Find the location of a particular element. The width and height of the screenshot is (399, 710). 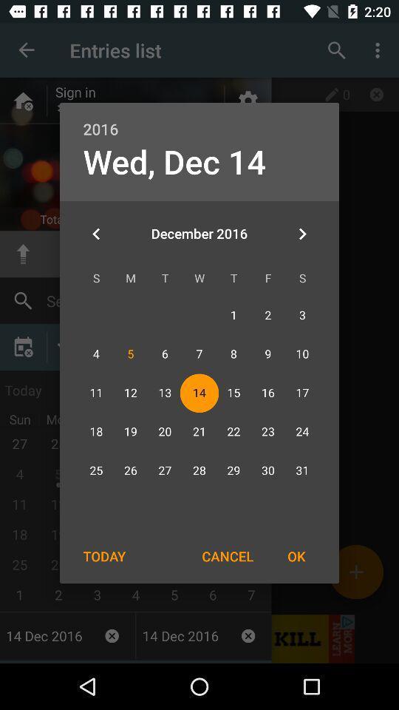

icon to the right of the cancel item is located at coordinates (296, 555).